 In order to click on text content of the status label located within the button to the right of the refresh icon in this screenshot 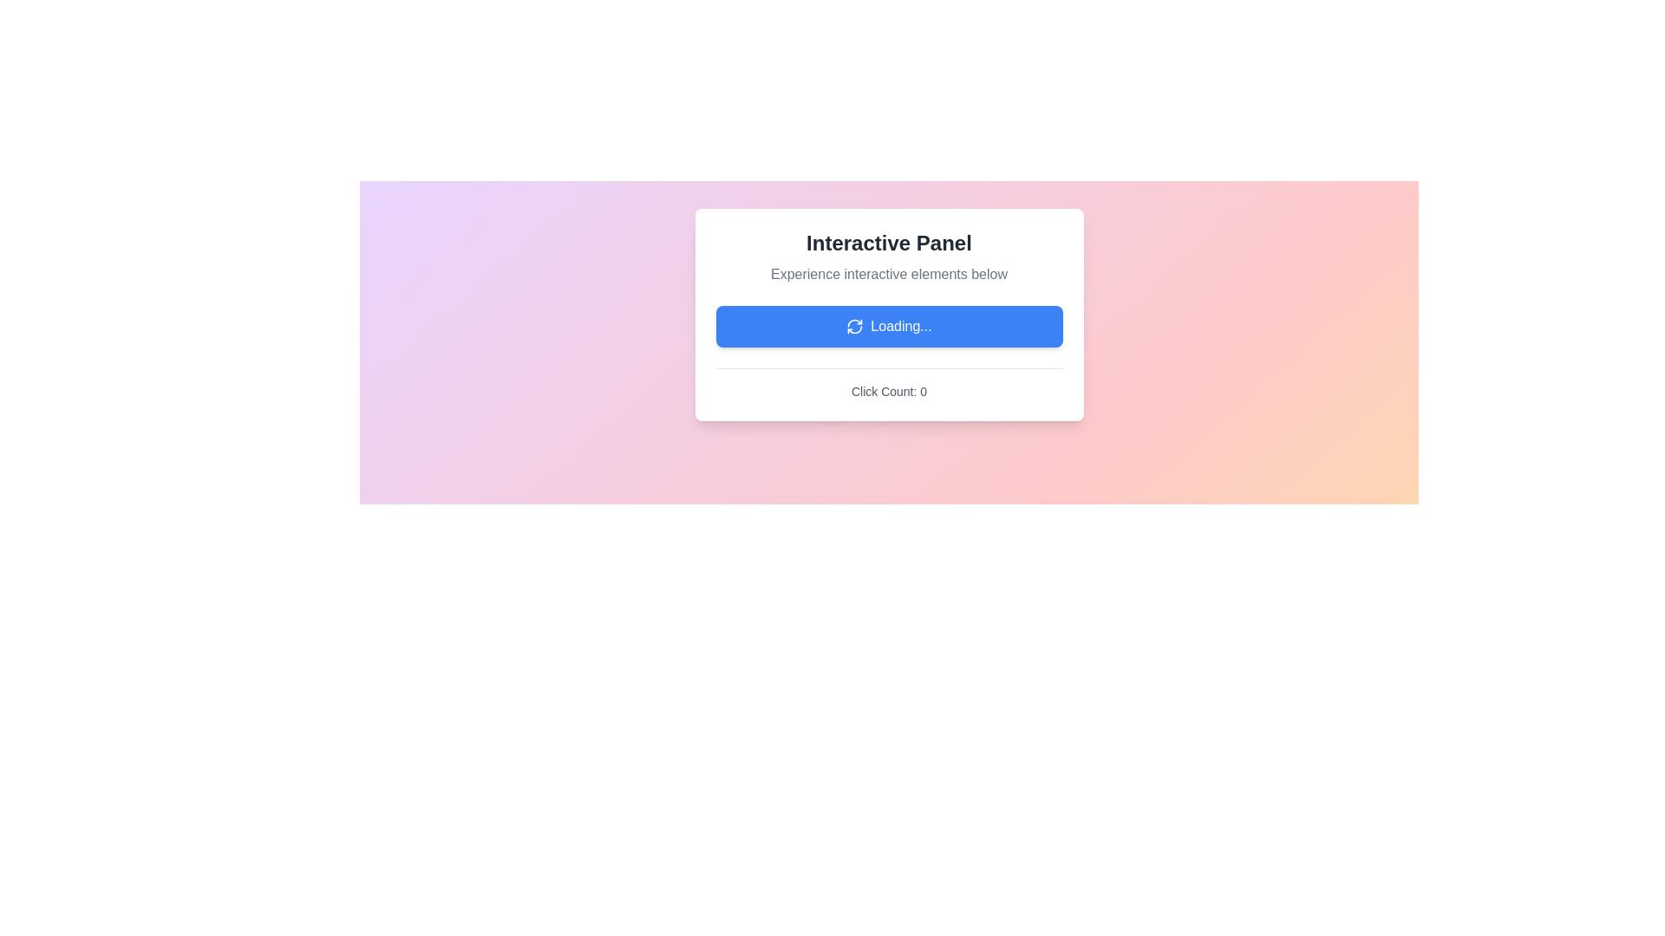, I will do `click(901, 327)`.